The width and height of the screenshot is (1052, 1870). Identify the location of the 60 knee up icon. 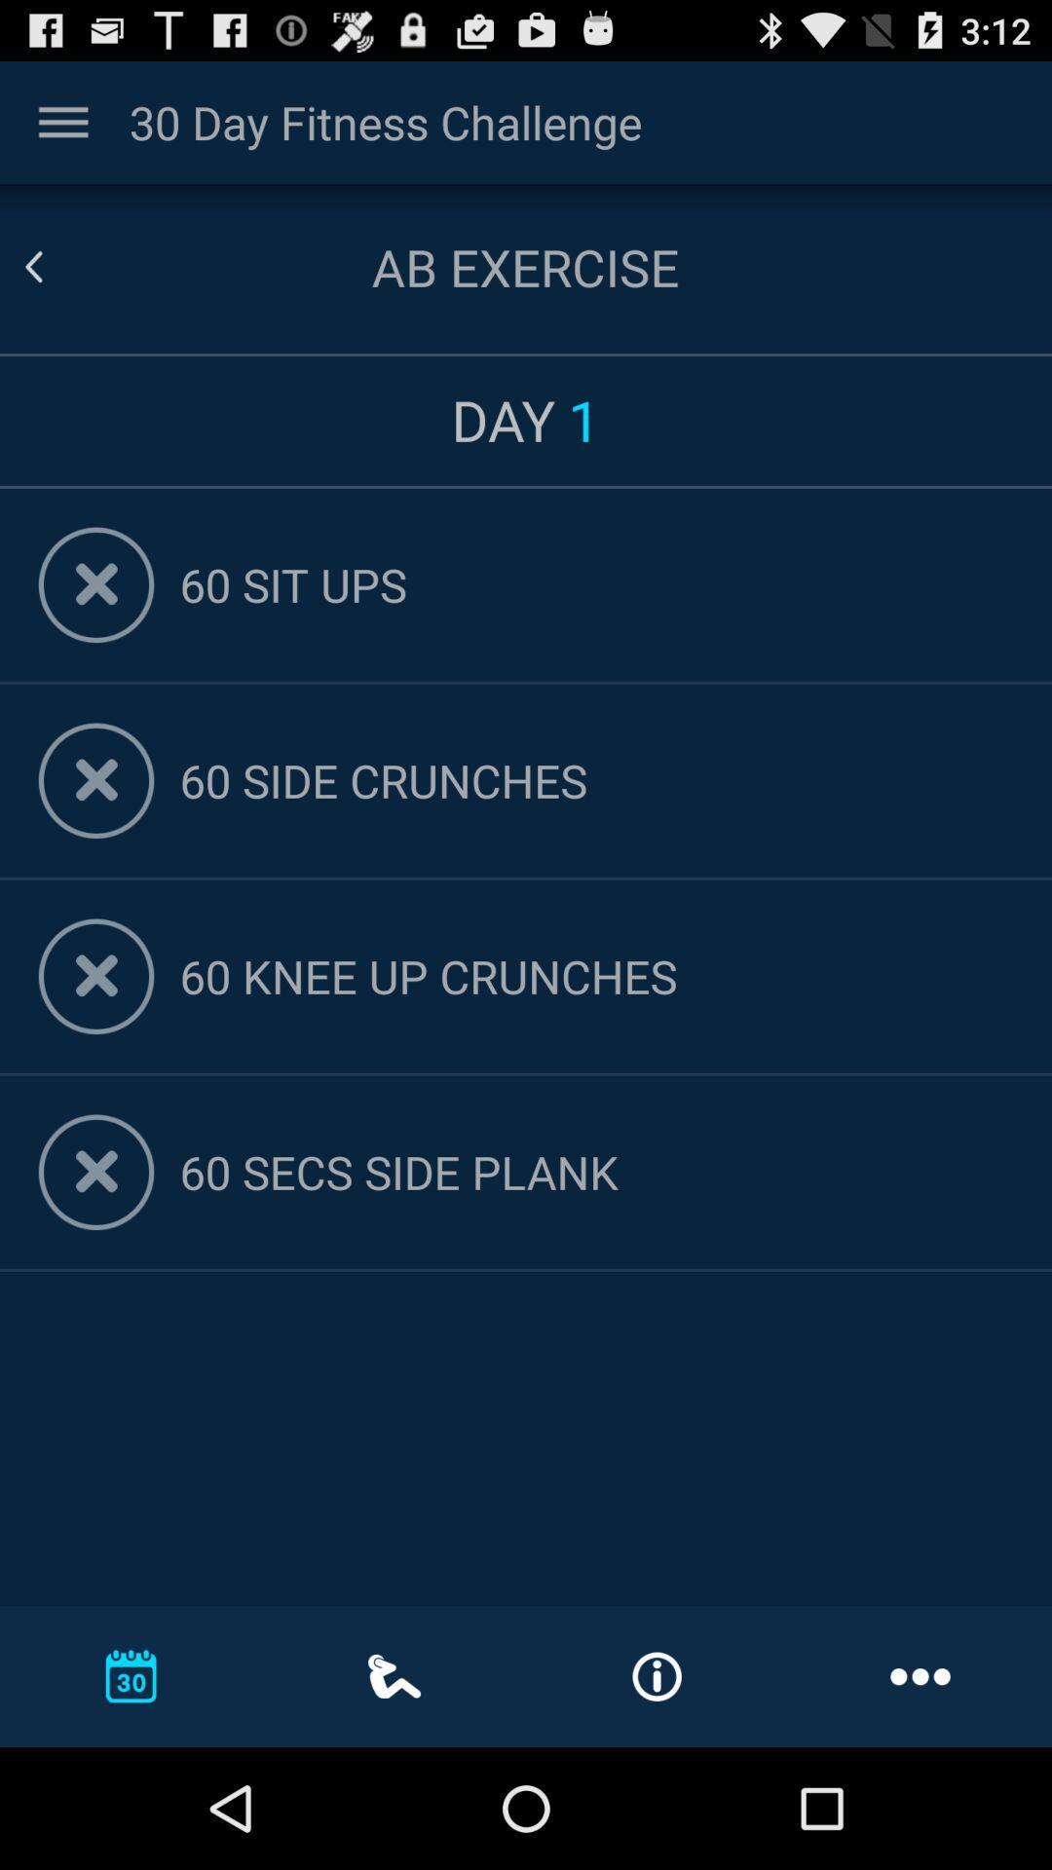
(595, 976).